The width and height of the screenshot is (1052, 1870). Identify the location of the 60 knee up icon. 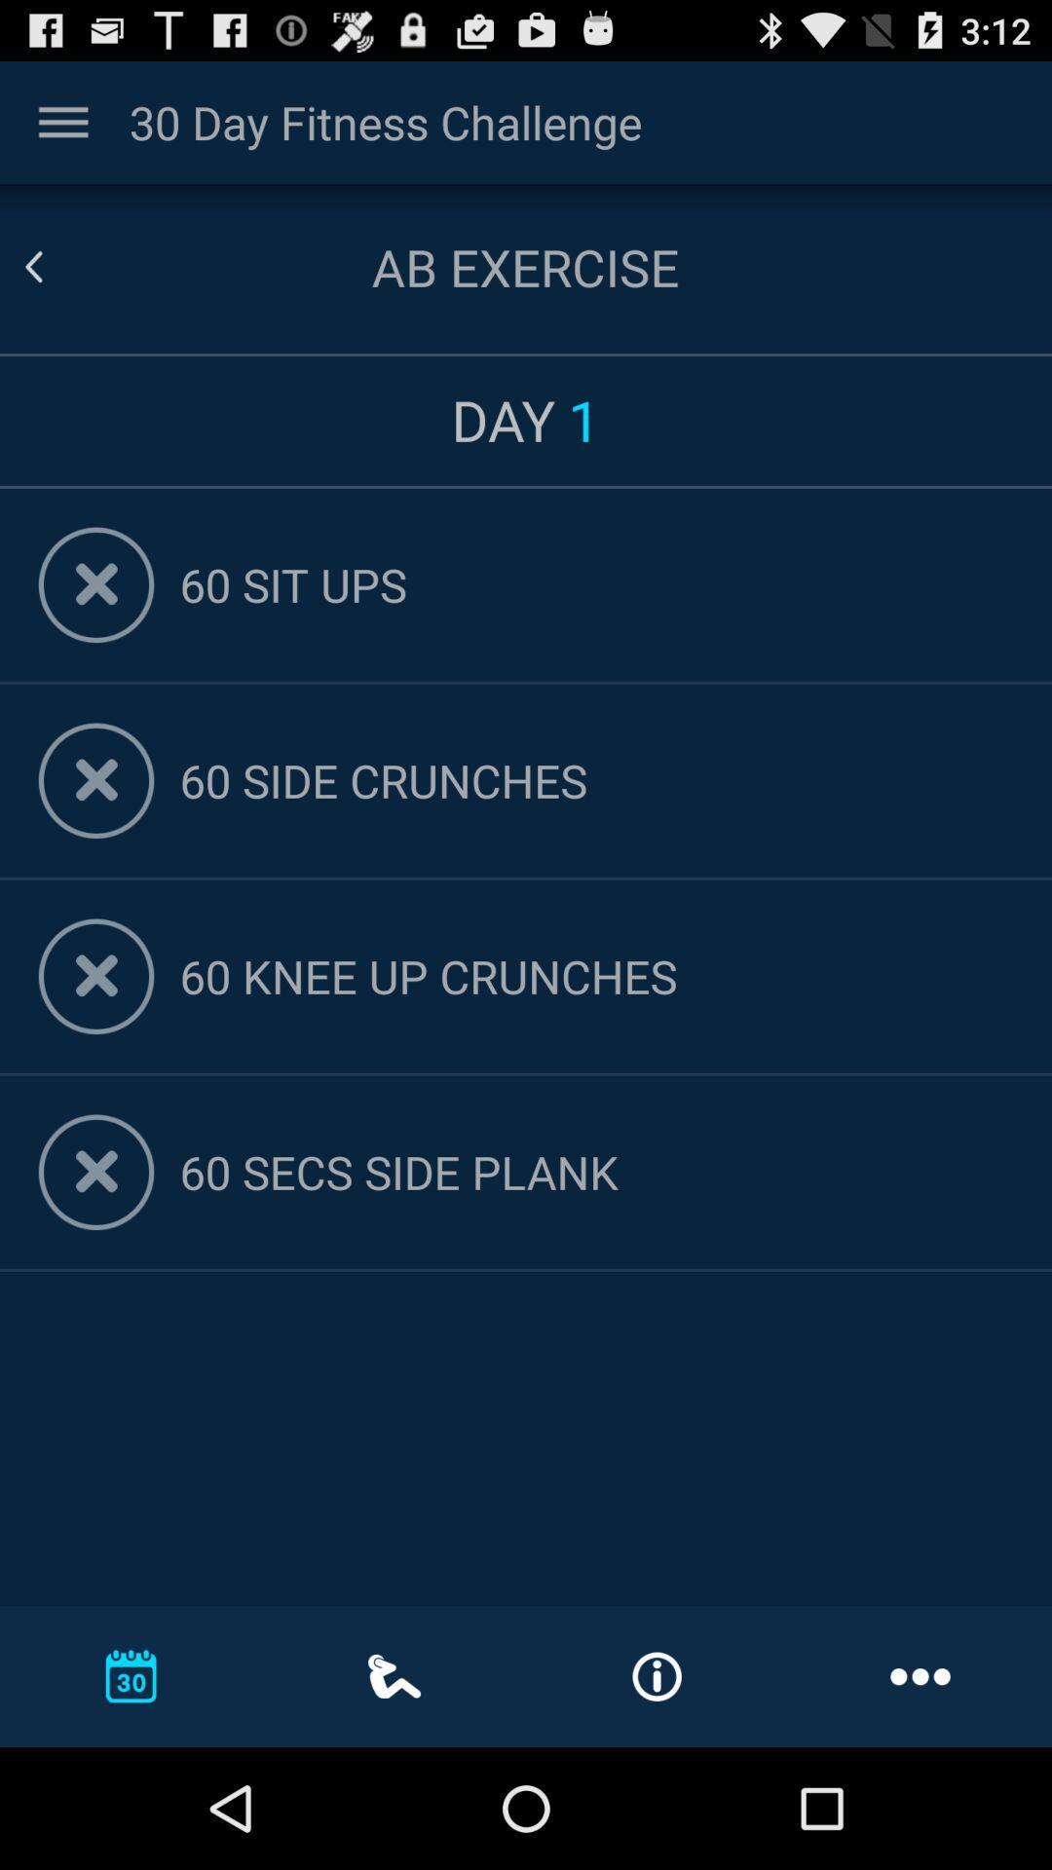
(595, 976).